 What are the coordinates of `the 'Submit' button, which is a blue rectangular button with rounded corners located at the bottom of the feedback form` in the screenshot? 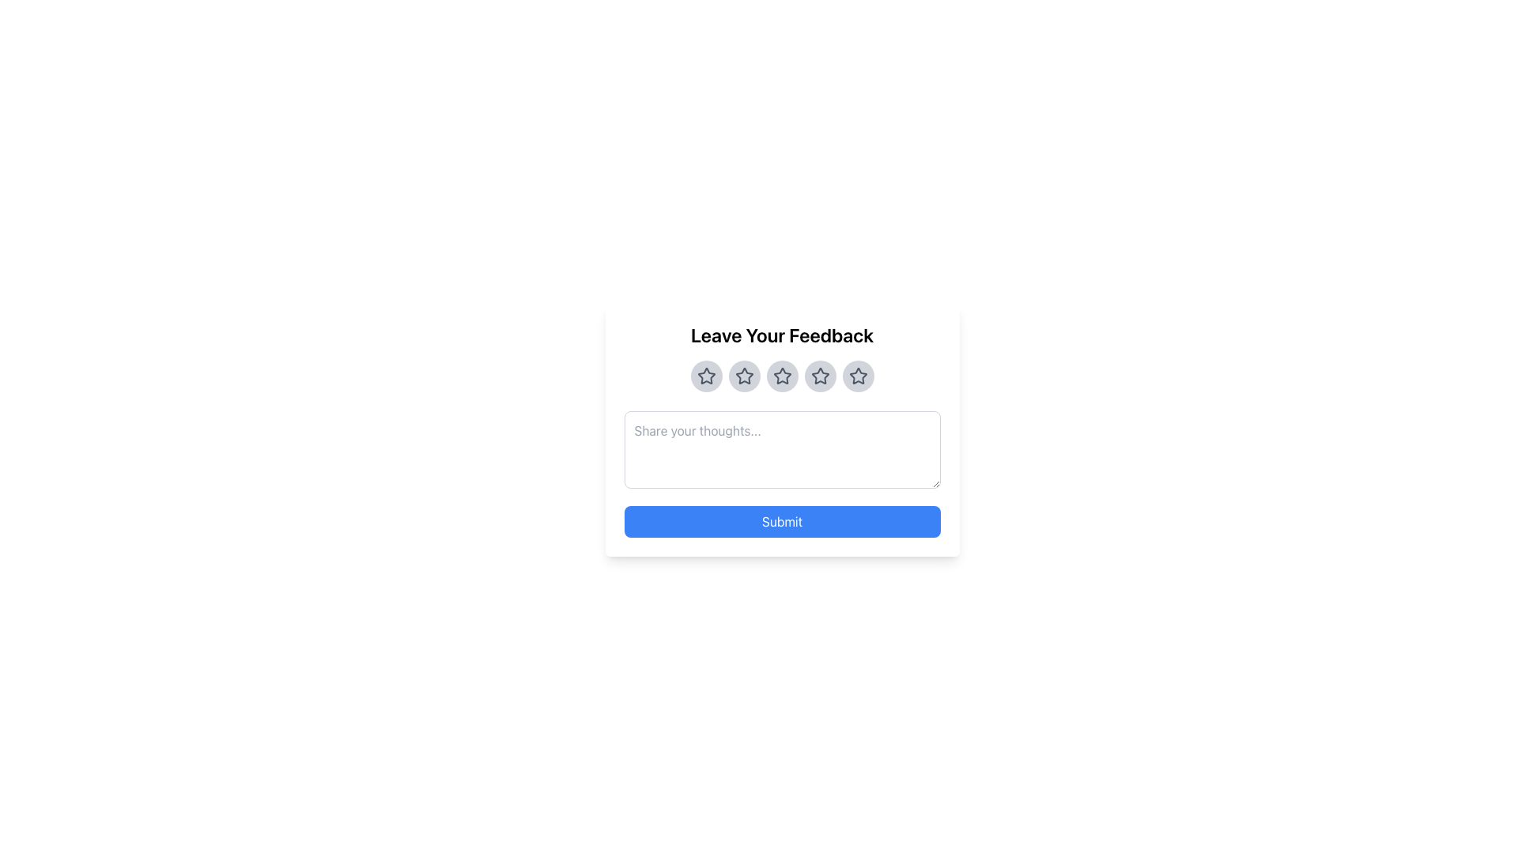 It's located at (782, 521).